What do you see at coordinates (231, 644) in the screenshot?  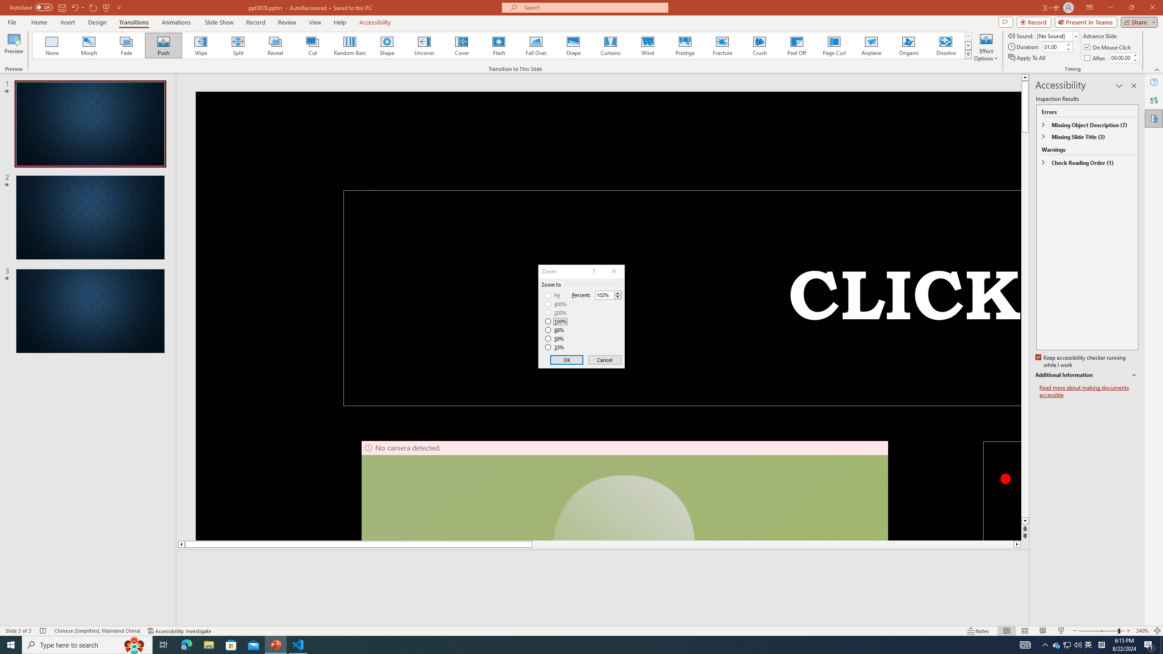 I see `'Microsoft Store'` at bounding box center [231, 644].